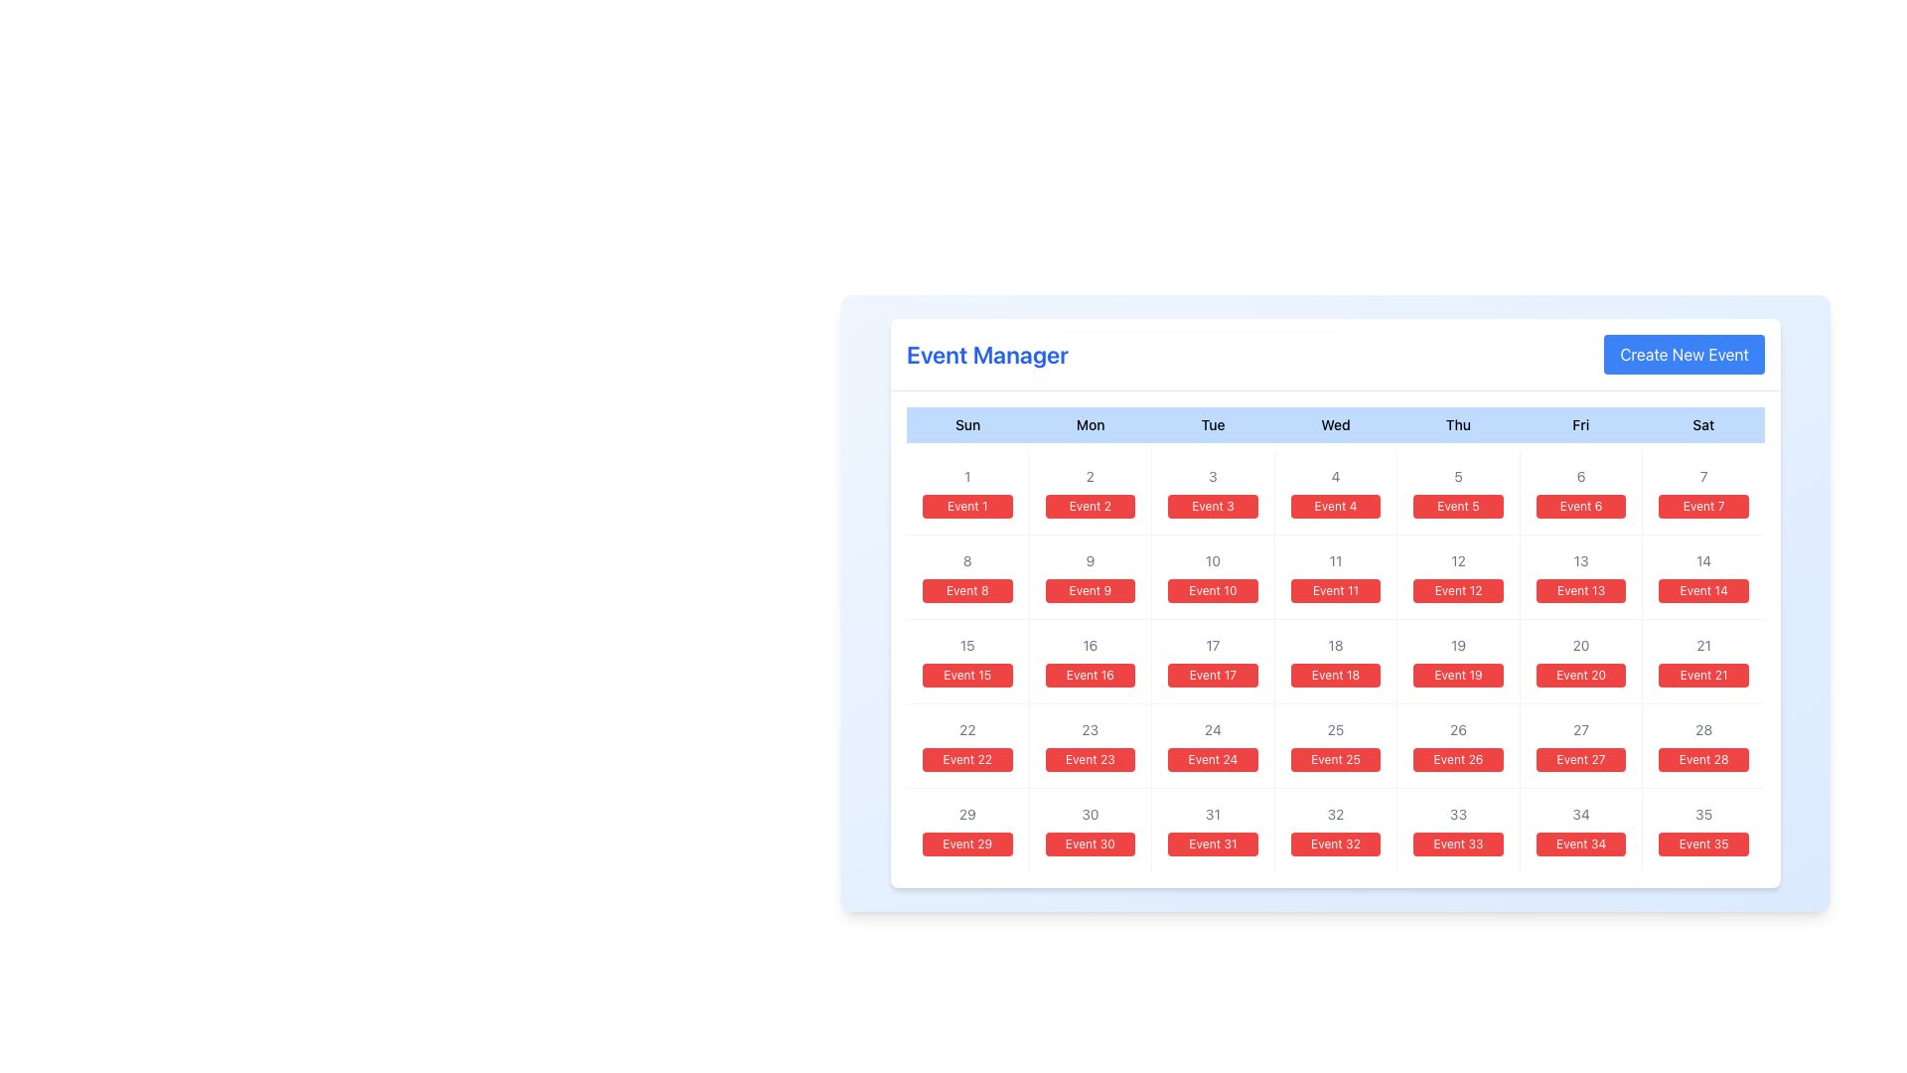 The width and height of the screenshot is (1907, 1073). Describe the element at coordinates (1089, 746) in the screenshot. I see `the interactive card for 'Event 23' located in the fourth row and third column of the event grid to interact with it` at that location.